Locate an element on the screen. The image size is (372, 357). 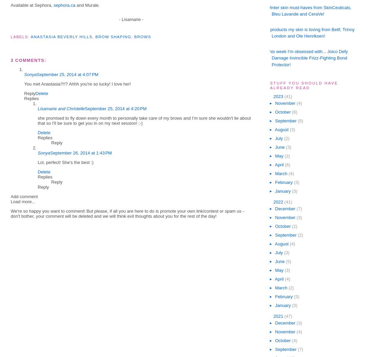
'3 products my skin is loving from Belif, Trinny London and Ole Henriksen!' is located at coordinates (310, 32).